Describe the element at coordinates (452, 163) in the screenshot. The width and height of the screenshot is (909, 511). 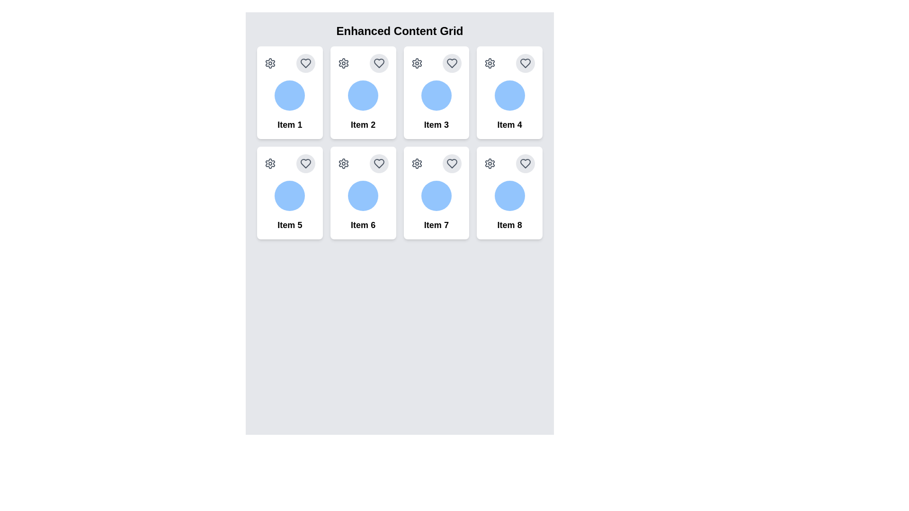
I see `the Icon button located in the top-right corner of the 'Item 7' card in the second row and third column of the content grid to possibly reveal additional tooltip information` at that location.